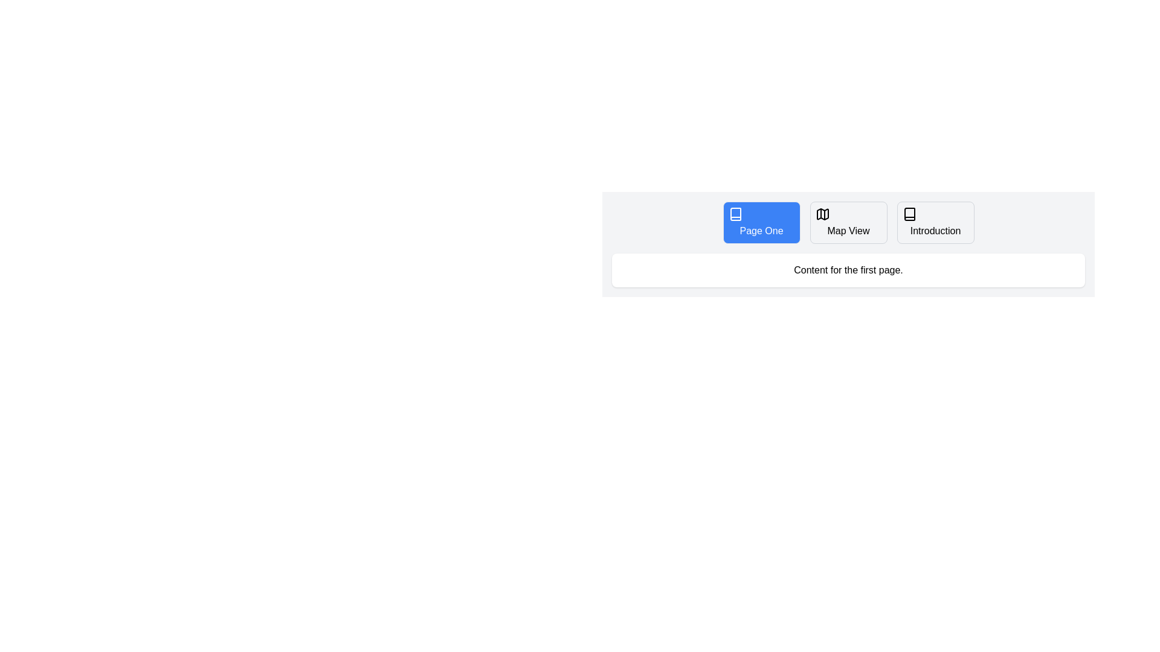  Describe the element at coordinates (761, 231) in the screenshot. I see `the 'Page One' text label, which is styled in white over a blue background and is part of a navigation bar` at that location.